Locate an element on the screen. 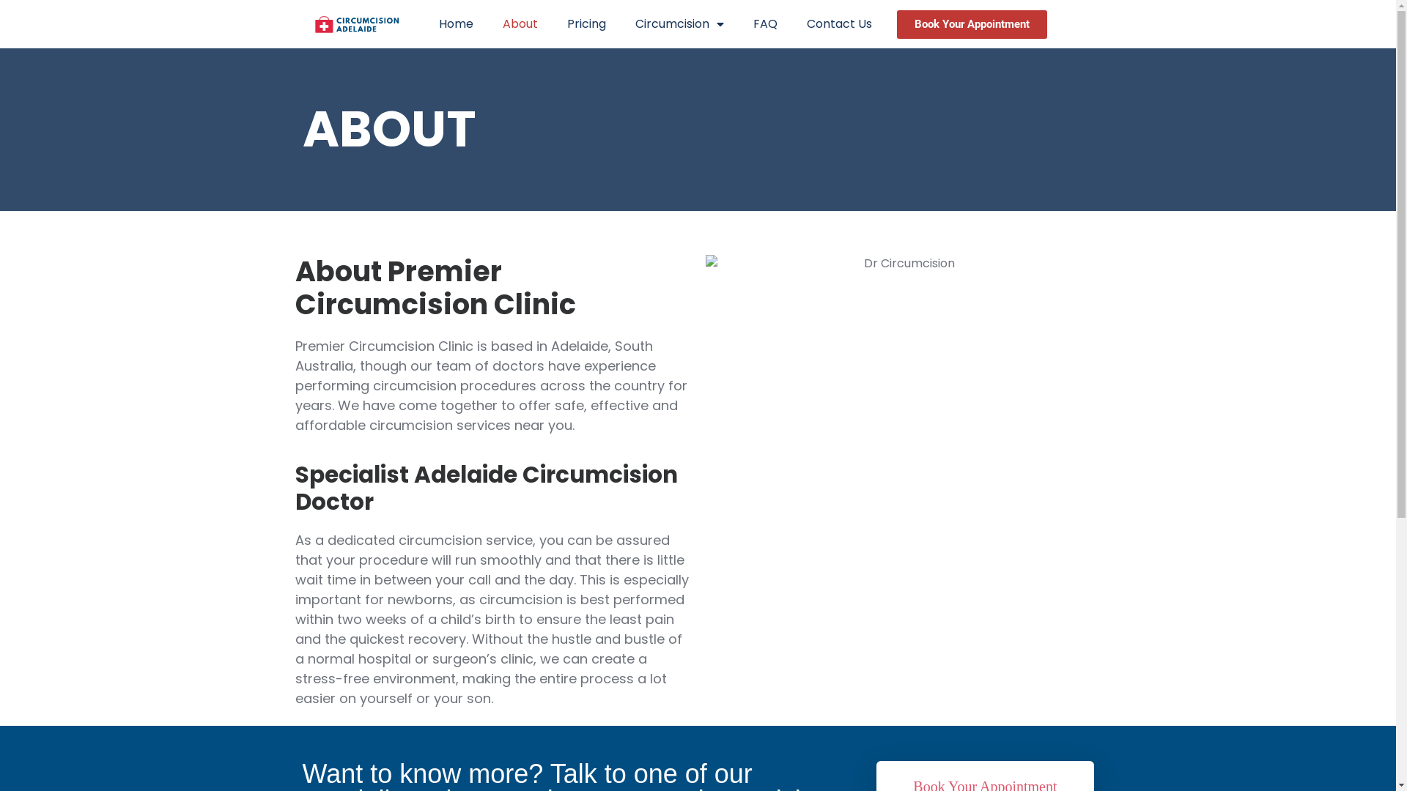  'Pricing' is located at coordinates (586, 24).